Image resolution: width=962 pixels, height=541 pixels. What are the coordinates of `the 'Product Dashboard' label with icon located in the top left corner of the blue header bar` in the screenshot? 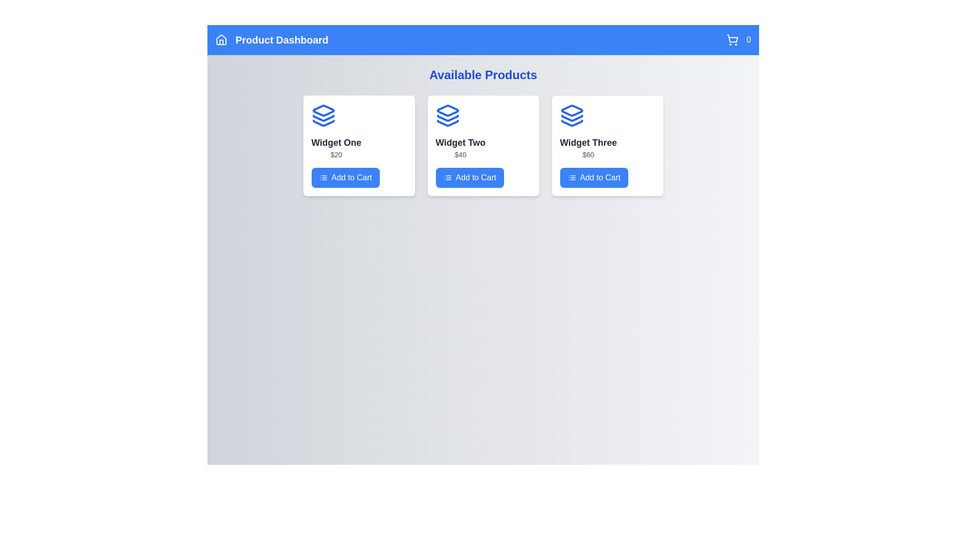 It's located at (272, 40).